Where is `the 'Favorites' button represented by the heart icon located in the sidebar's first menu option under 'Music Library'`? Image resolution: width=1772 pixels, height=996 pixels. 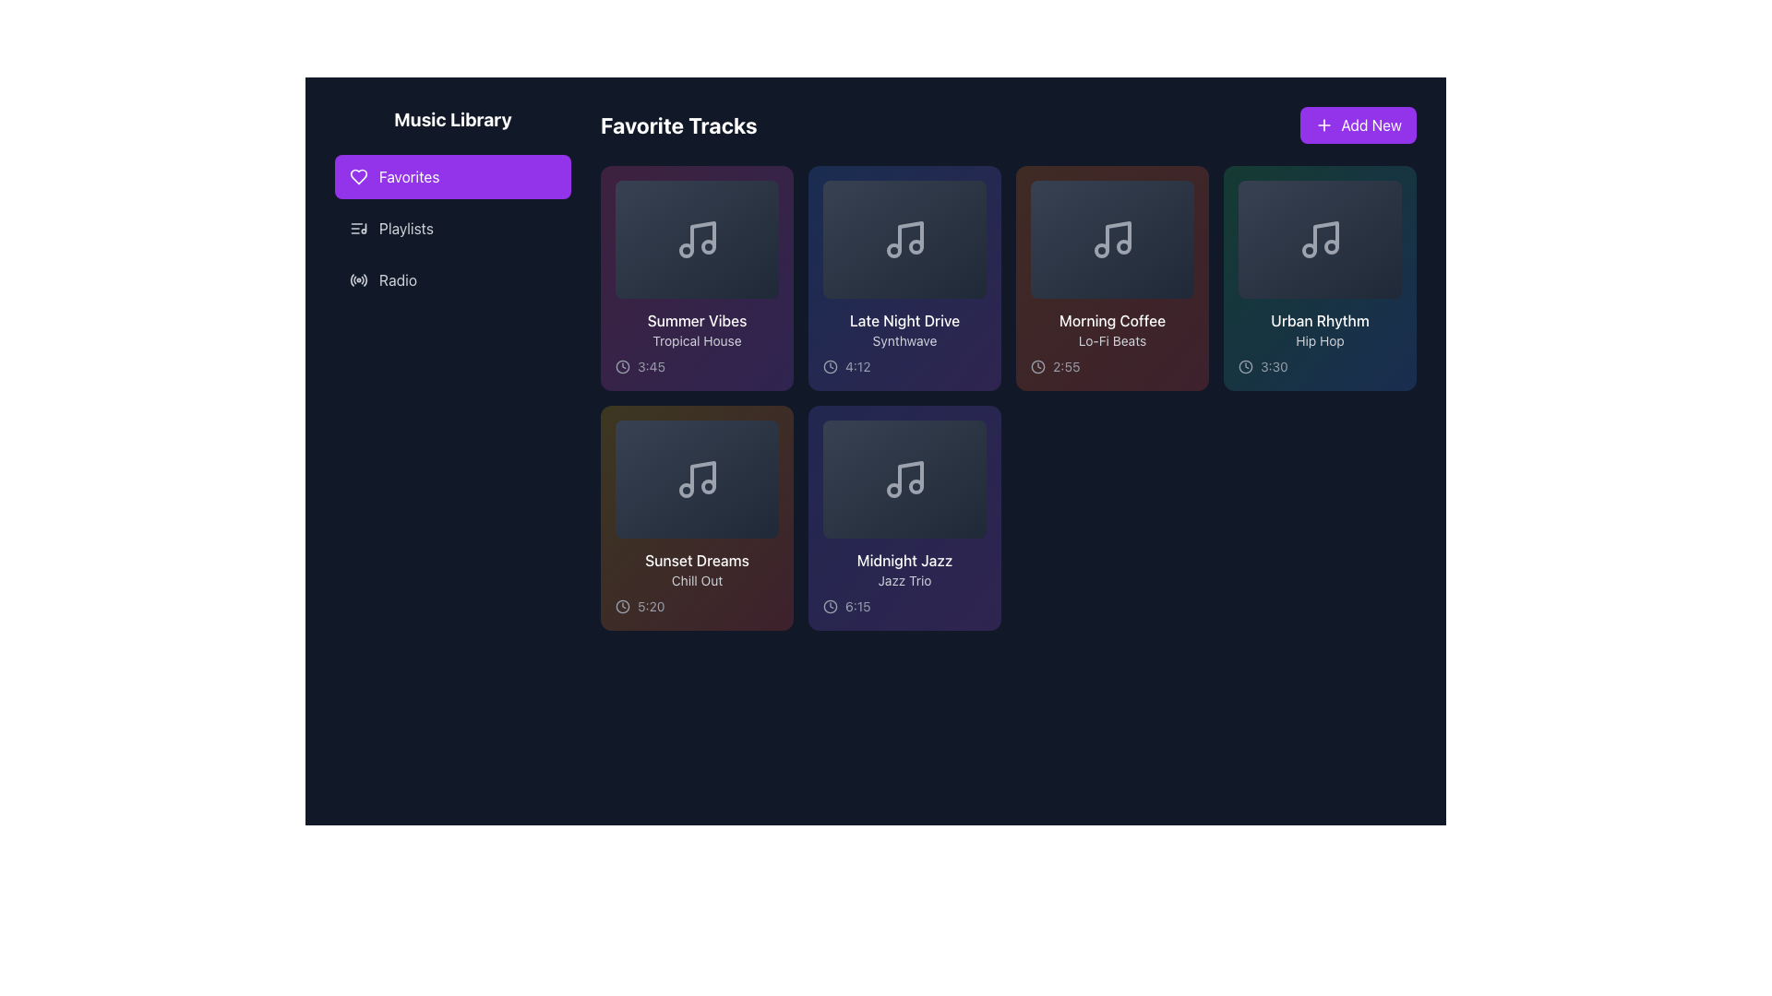
the 'Favorites' button represented by the heart icon located in the sidebar's first menu option under 'Music Library' is located at coordinates (358, 177).